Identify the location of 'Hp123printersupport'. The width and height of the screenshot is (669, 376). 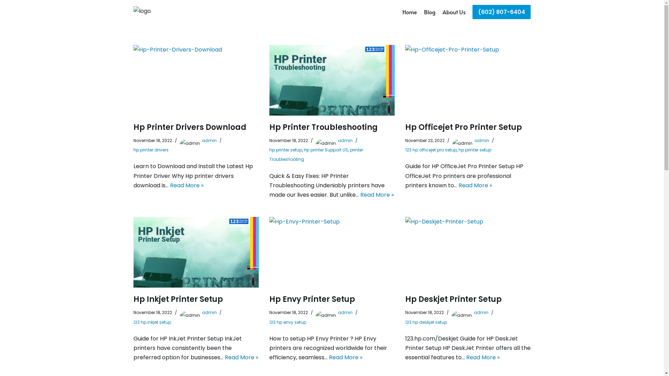
(155, 12).